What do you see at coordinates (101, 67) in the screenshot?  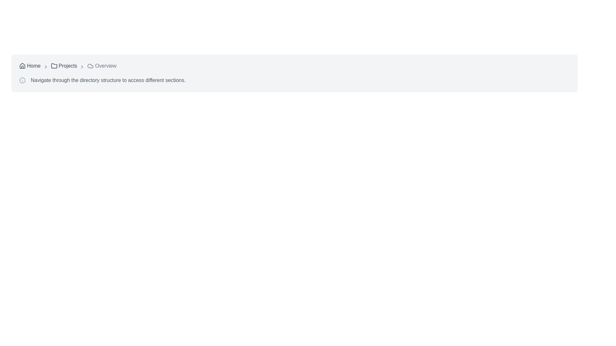 I see `the 'Overview' static text label with a cloud-shaped icon in the breadcrumb navigation bar` at bounding box center [101, 67].